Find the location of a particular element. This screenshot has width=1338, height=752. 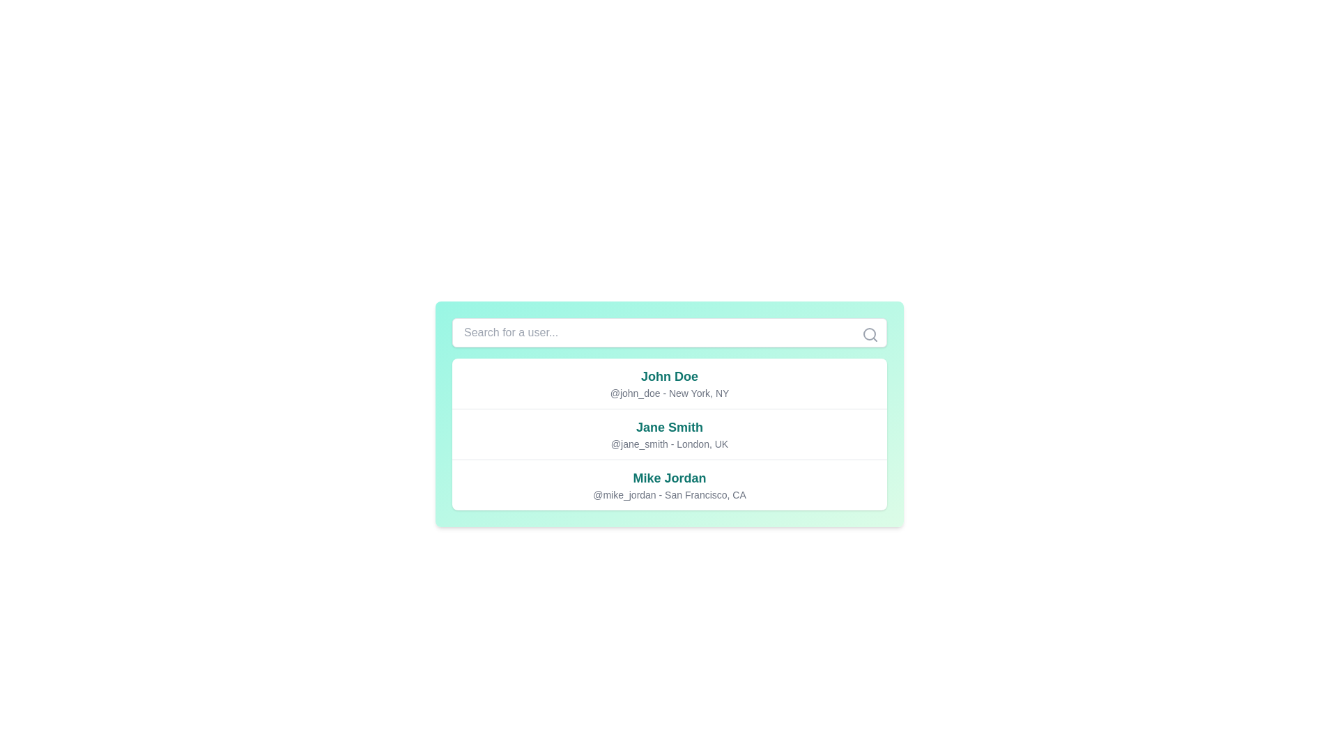

the static text label displaying the name of a person, which is the first visible item in a scrollable list, positioned above the smaller gray text '@john_doe - New York, NY' is located at coordinates (669, 376).